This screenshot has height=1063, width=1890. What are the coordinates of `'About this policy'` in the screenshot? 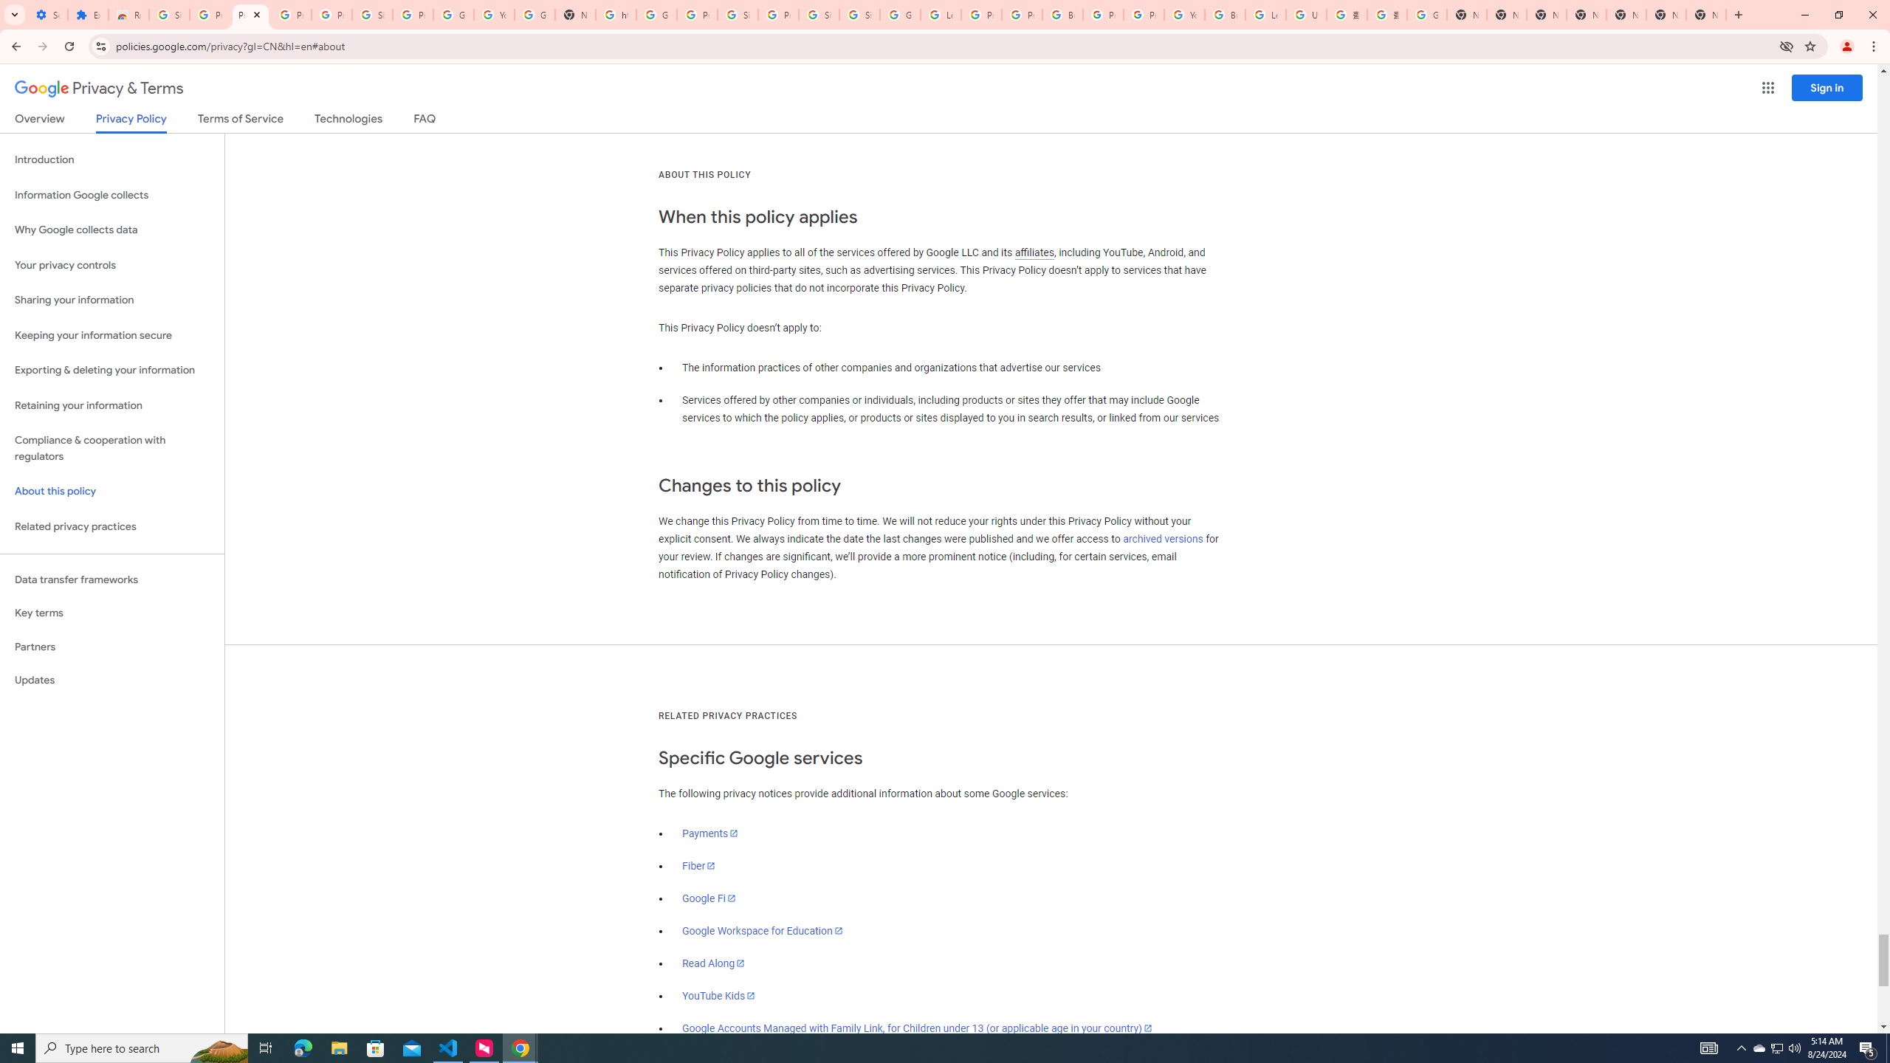 It's located at (111, 492).